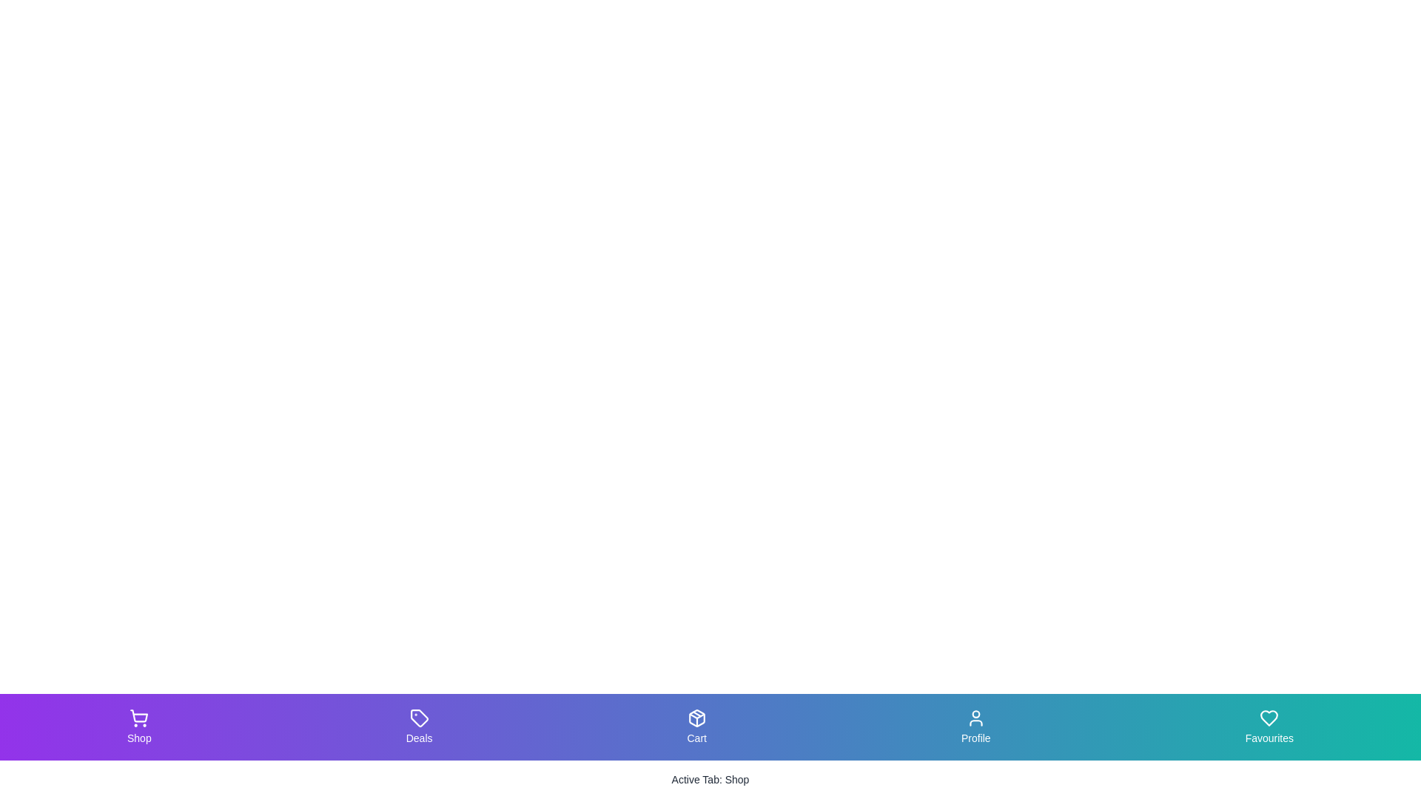 The image size is (1421, 799). What do you see at coordinates (418, 726) in the screenshot?
I see `the tab labeled Deals to view its hover effect` at bounding box center [418, 726].